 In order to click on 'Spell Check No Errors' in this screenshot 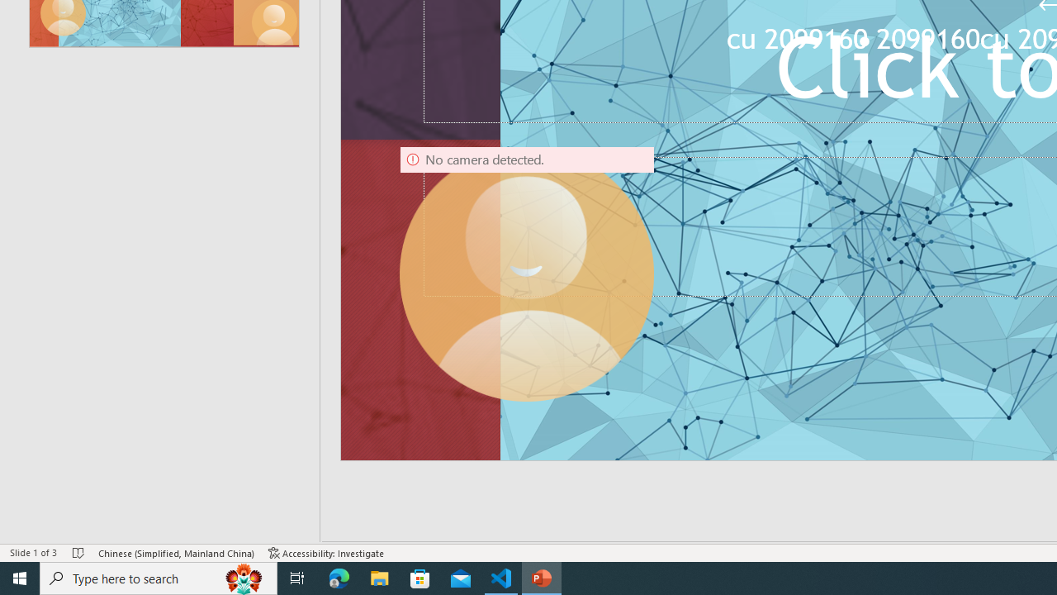, I will do `click(78, 553)`.